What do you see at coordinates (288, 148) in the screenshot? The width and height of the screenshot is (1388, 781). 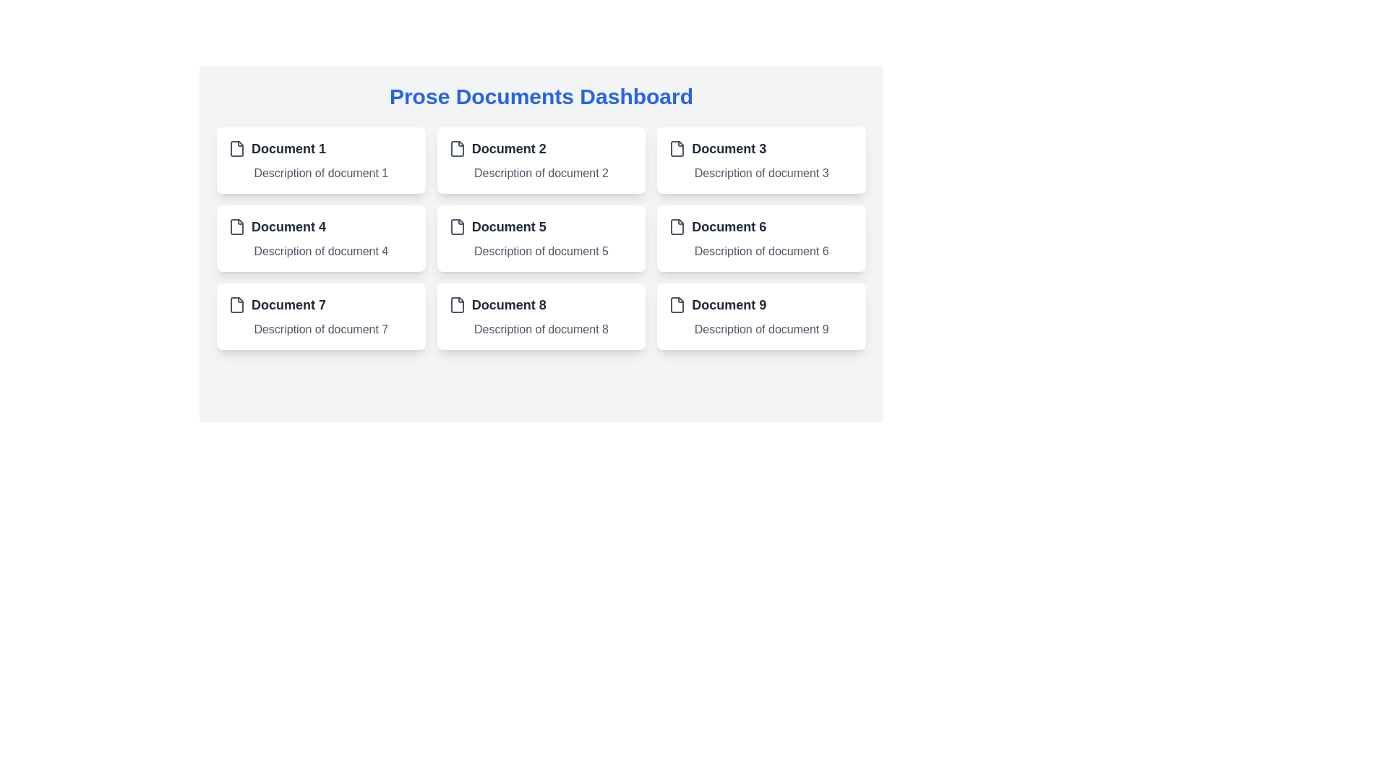 I see `title of the card labeled 'Document 1' located in the top left corner of the grid layout` at bounding box center [288, 148].